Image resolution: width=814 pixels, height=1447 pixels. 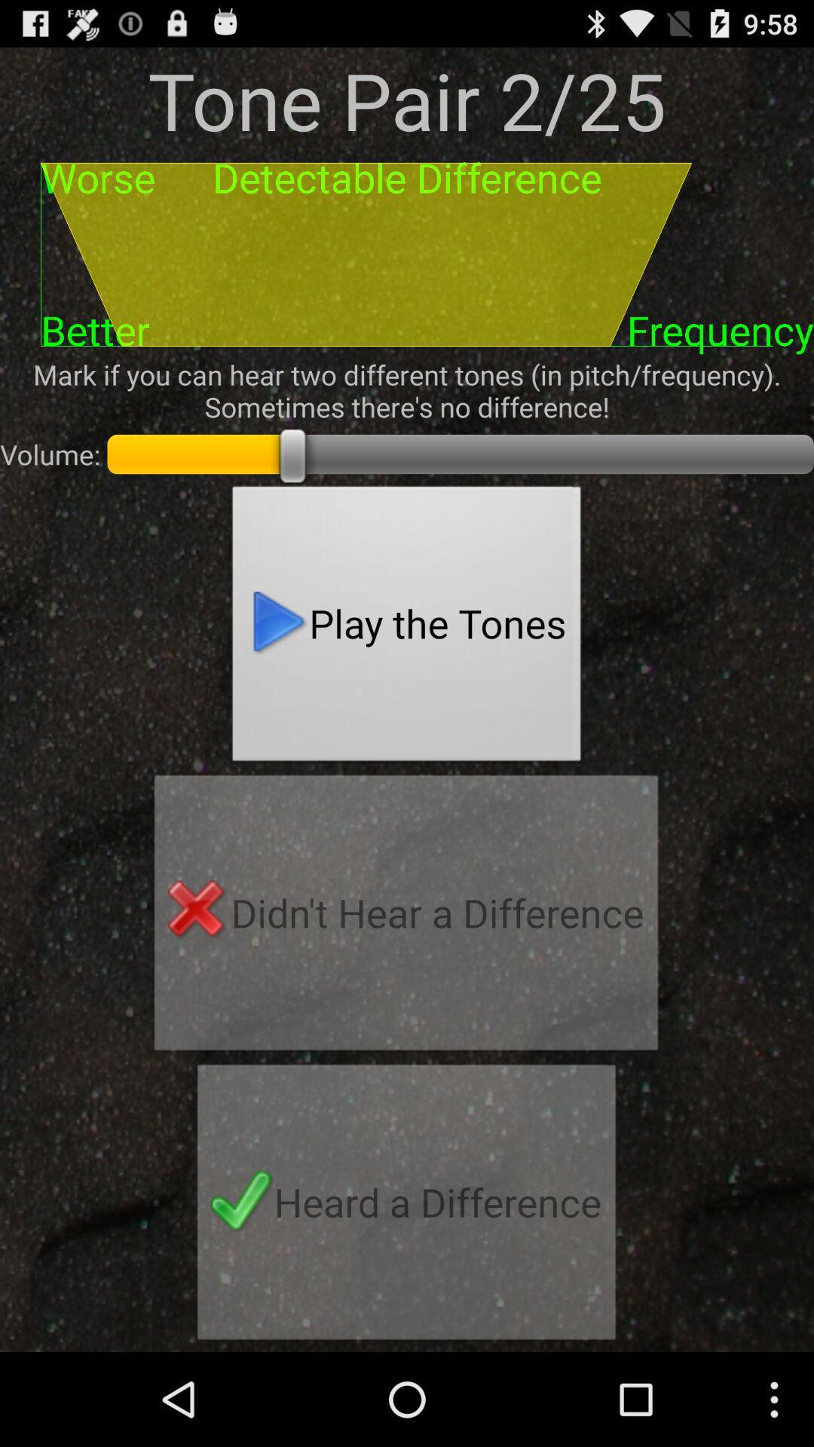 I want to click on the app to the right of volume:  icon, so click(x=407, y=628).